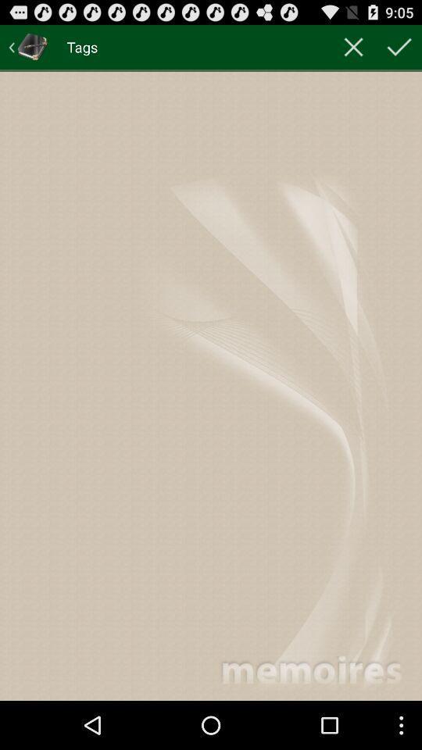 This screenshot has width=422, height=750. Describe the element at coordinates (353, 50) in the screenshot. I see `the close icon` at that location.